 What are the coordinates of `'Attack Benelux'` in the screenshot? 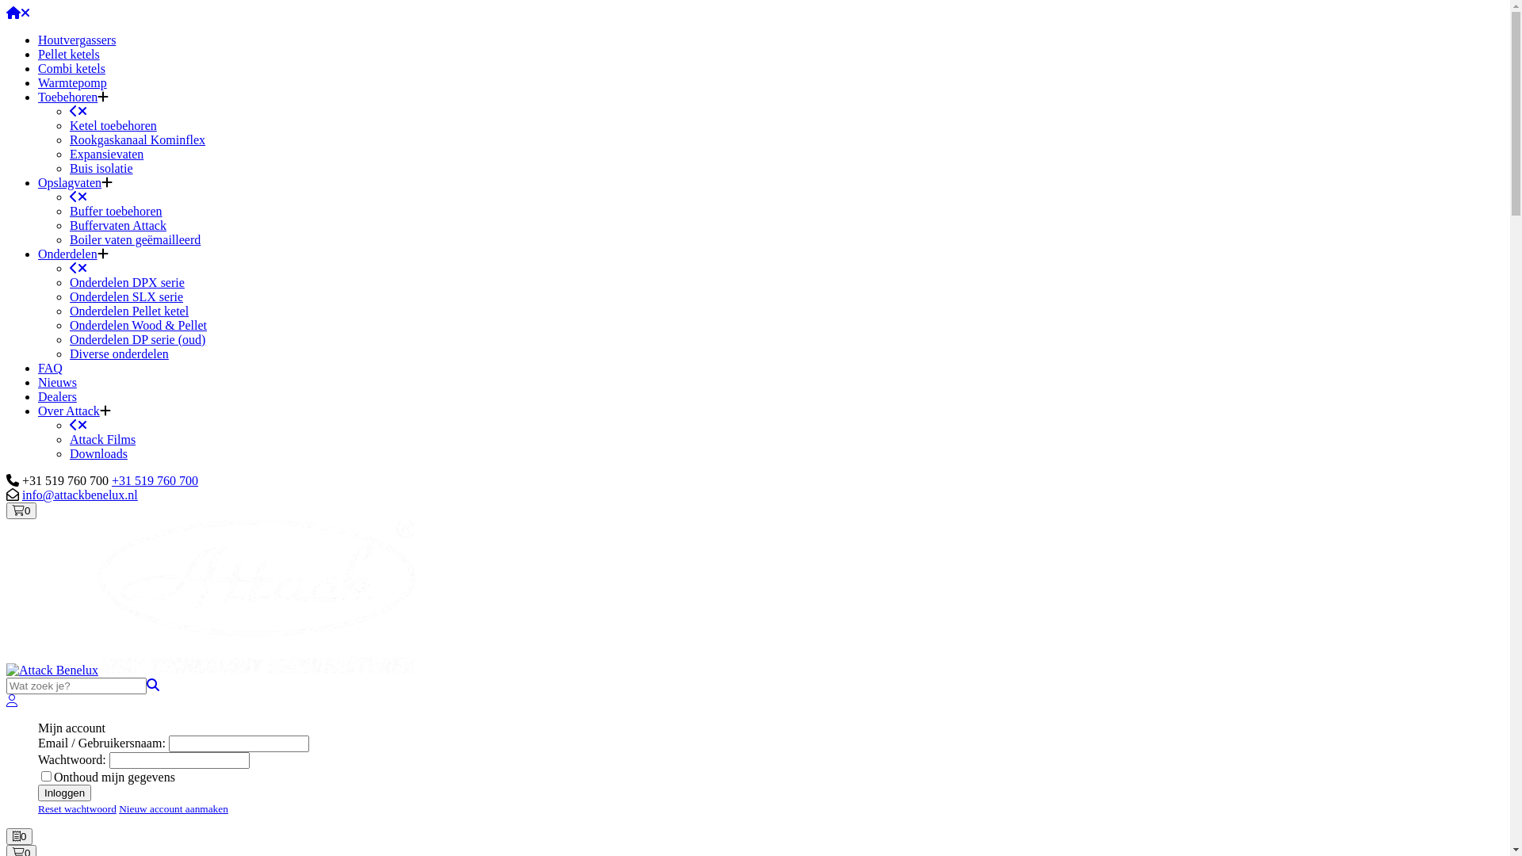 It's located at (52, 670).